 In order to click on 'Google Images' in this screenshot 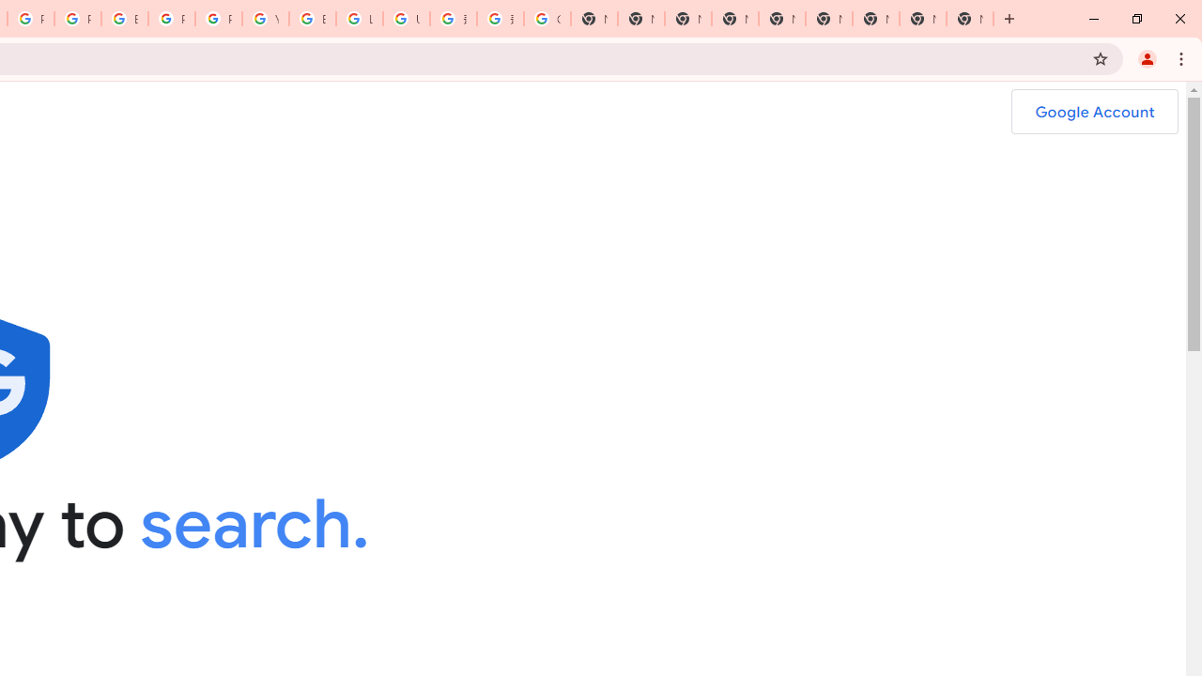, I will do `click(547, 19)`.